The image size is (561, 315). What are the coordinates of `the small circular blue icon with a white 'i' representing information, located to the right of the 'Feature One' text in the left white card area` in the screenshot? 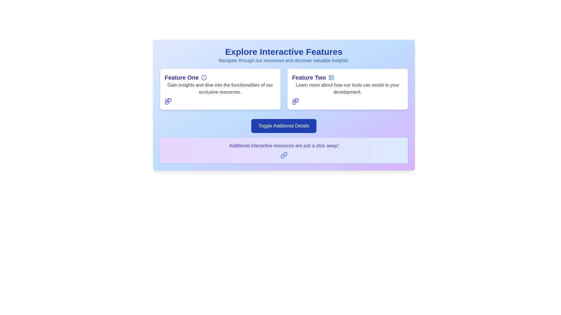 It's located at (204, 77).